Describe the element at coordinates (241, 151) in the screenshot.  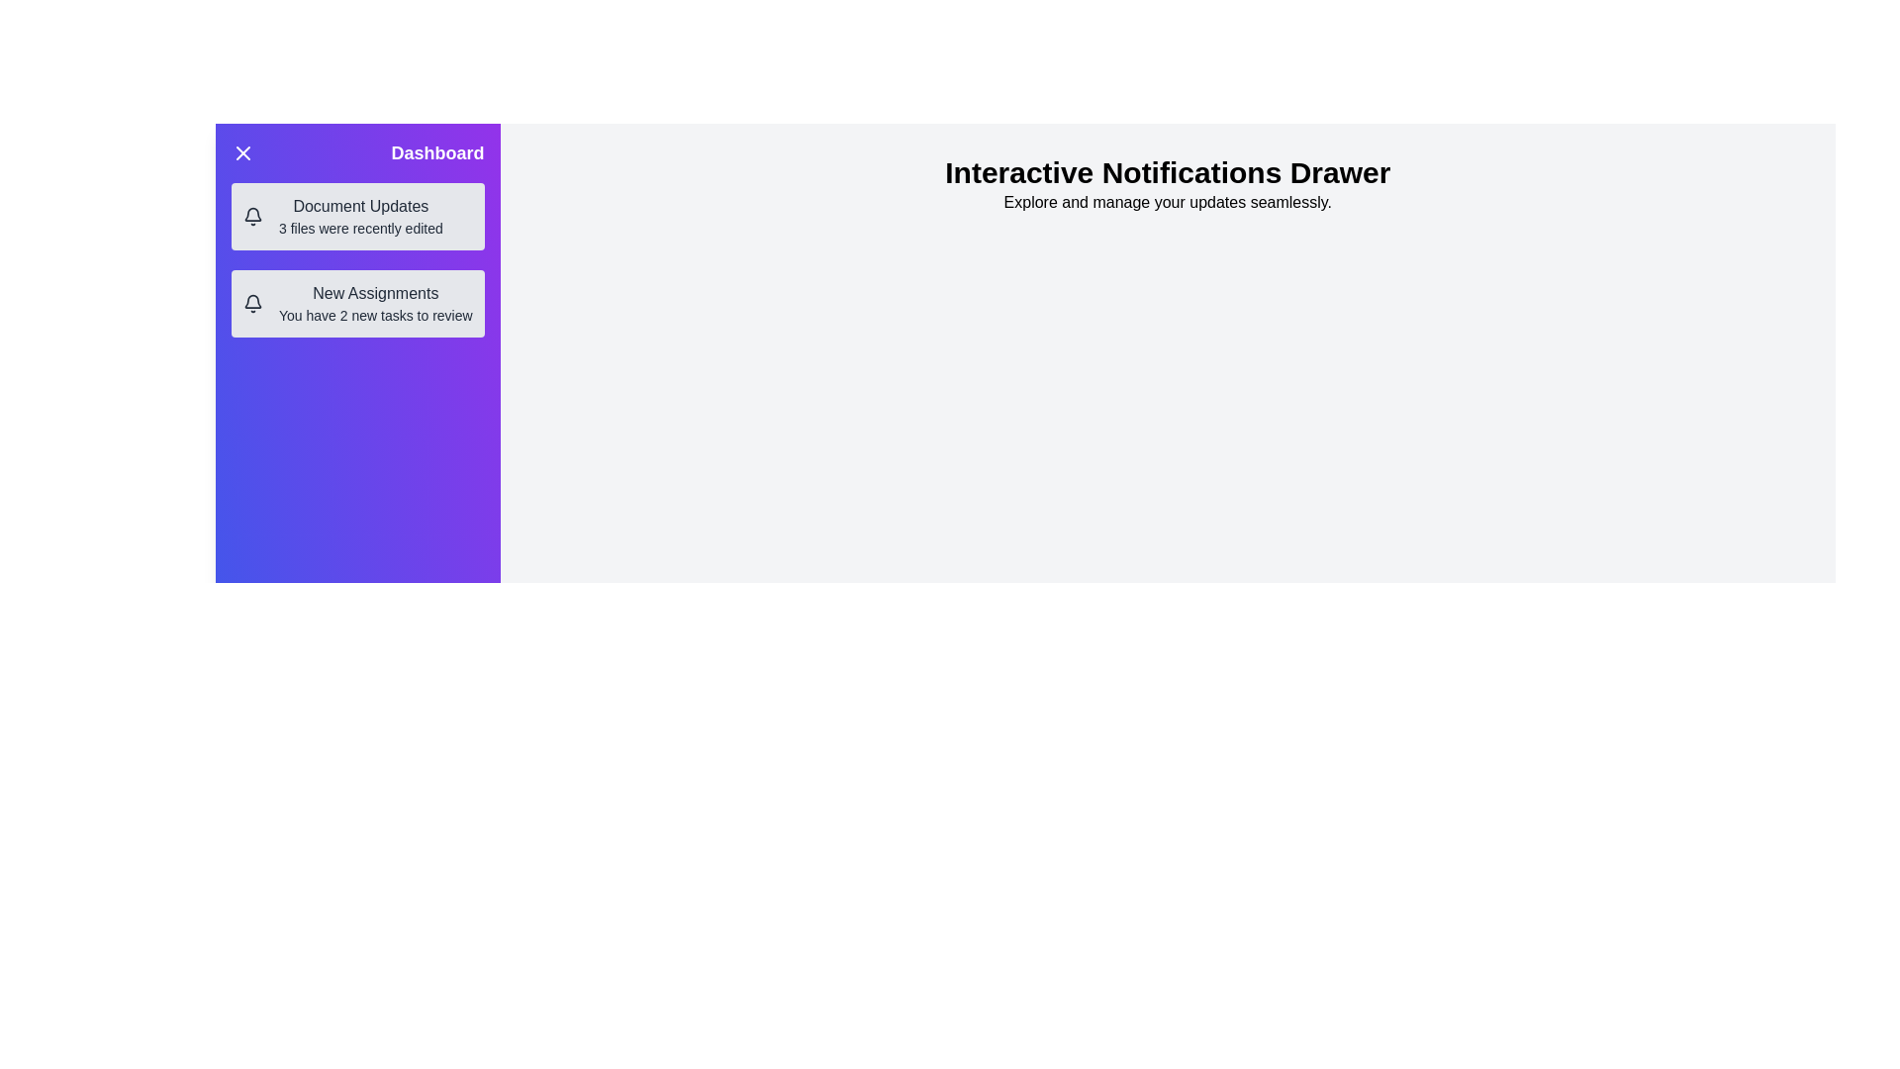
I see `the menu/close button to toggle the drawer visibility` at that location.